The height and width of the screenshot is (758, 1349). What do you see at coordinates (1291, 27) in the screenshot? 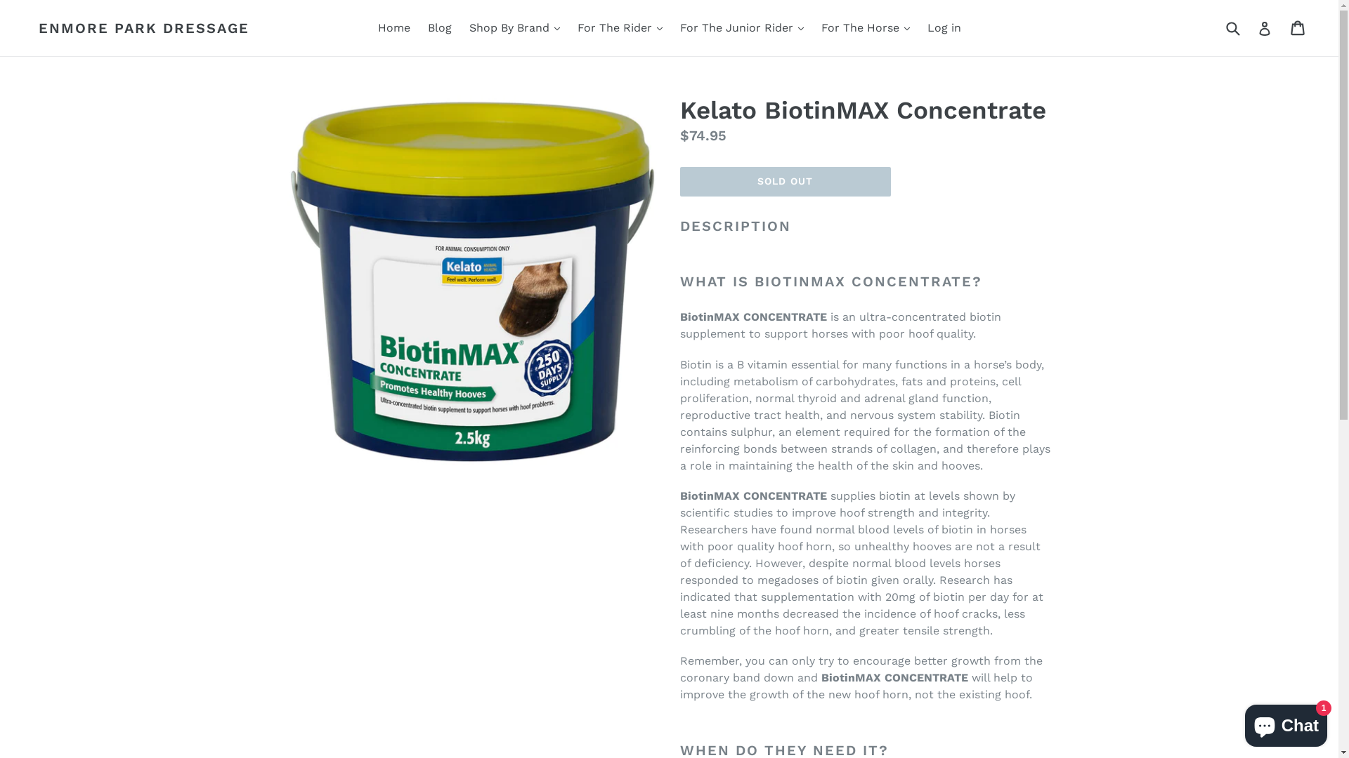
I see `'Cart` at bounding box center [1291, 27].